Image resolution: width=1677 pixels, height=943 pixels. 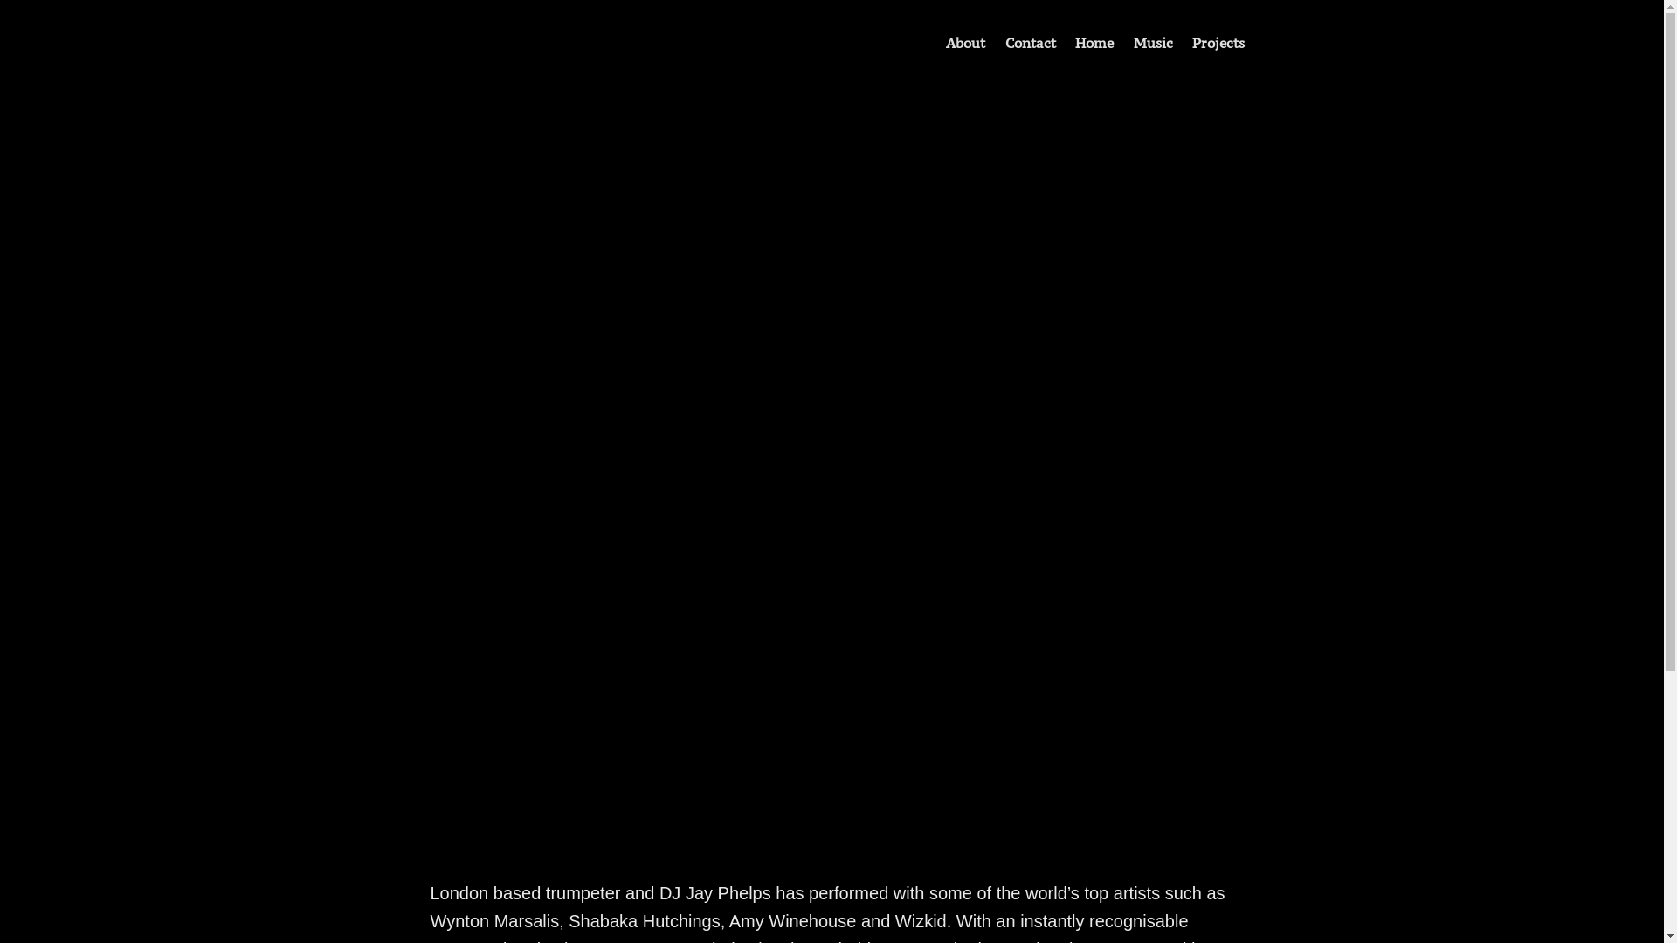 I want to click on 'Contact', so click(x=1030, y=40).